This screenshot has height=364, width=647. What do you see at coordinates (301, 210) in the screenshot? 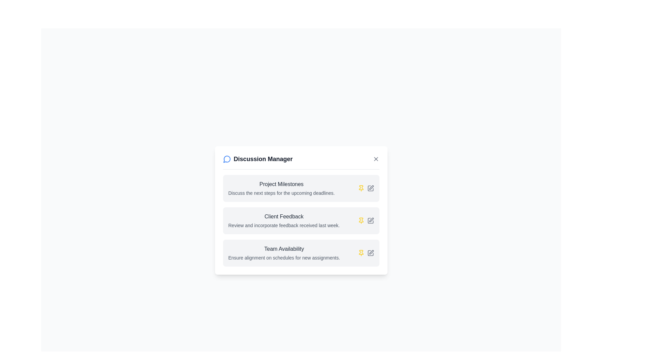
I see `the 'Client Feedback' information card` at bounding box center [301, 210].